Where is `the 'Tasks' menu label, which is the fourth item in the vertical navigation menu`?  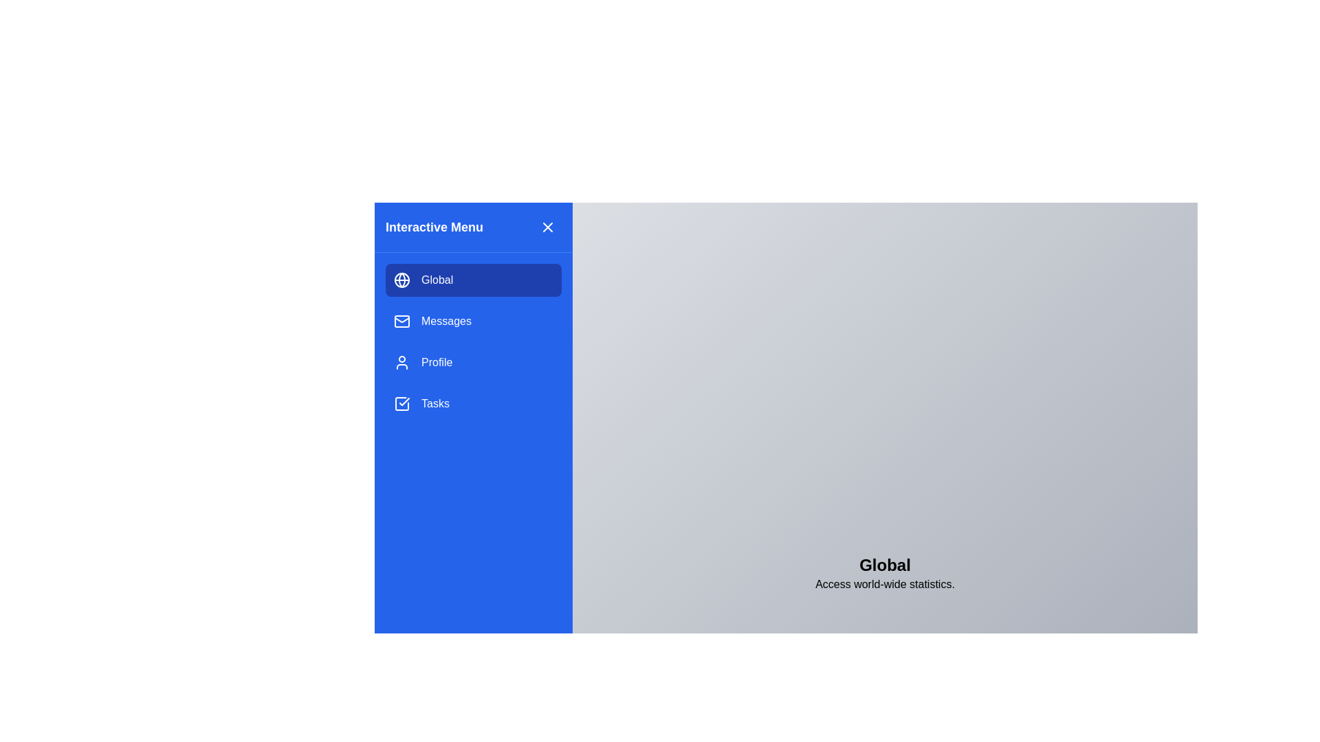 the 'Tasks' menu label, which is the fourth item in the vertical navigation menu is located at coordinates (434, 403).